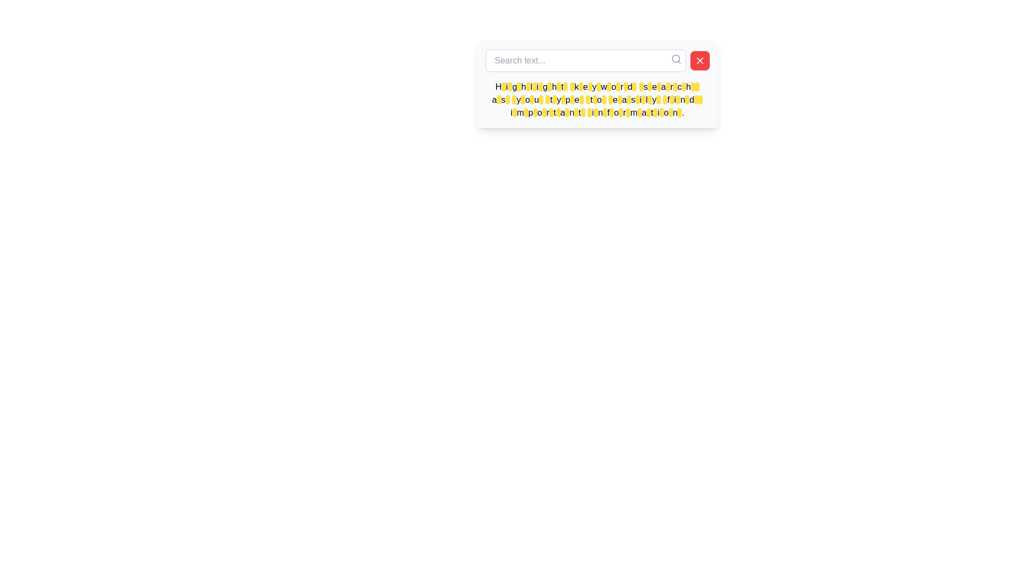 This screenshot has width=1034, height=581. What do you see at coordinates (618, 86) in the screenshot?
I see `the highlight element, which is a small rectangular shape with a rounded corner design, featuring a yellow background and black borderless text, located in the 15th position of a line of highlighted keywords` at bounding box center [618, 86].